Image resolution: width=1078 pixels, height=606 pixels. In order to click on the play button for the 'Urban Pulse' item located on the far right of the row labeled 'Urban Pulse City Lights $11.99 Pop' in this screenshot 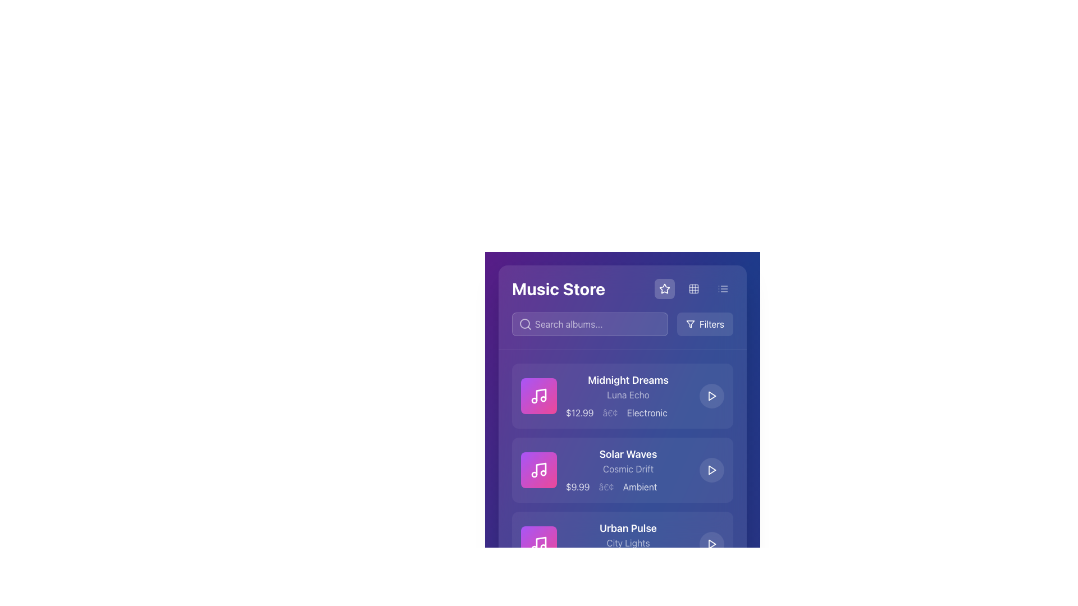, I will do `click(711, 543)`.